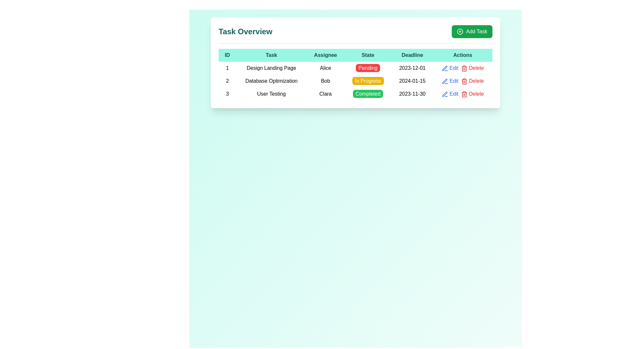 This screenshot has height=349, width=620. I want to click on the red outlined trash can icon in the first row of the 'Actions' column to initiate the delete action, so click(464, 68).